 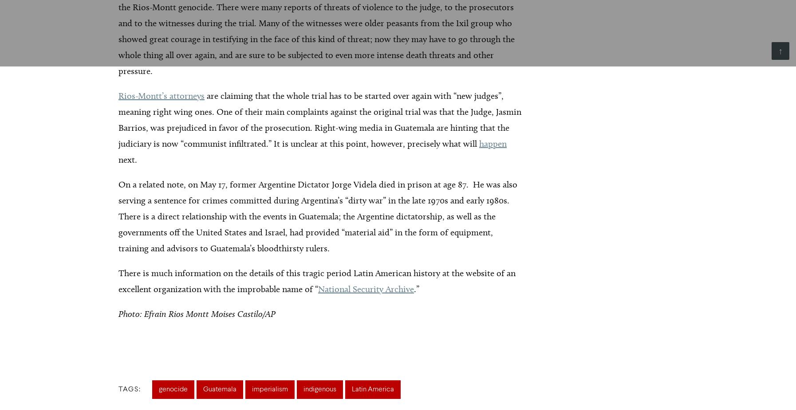 What do you see at coordinates (173, 390) in the screenshot?
I see `'genocide'` at bounding box center [173, 390].